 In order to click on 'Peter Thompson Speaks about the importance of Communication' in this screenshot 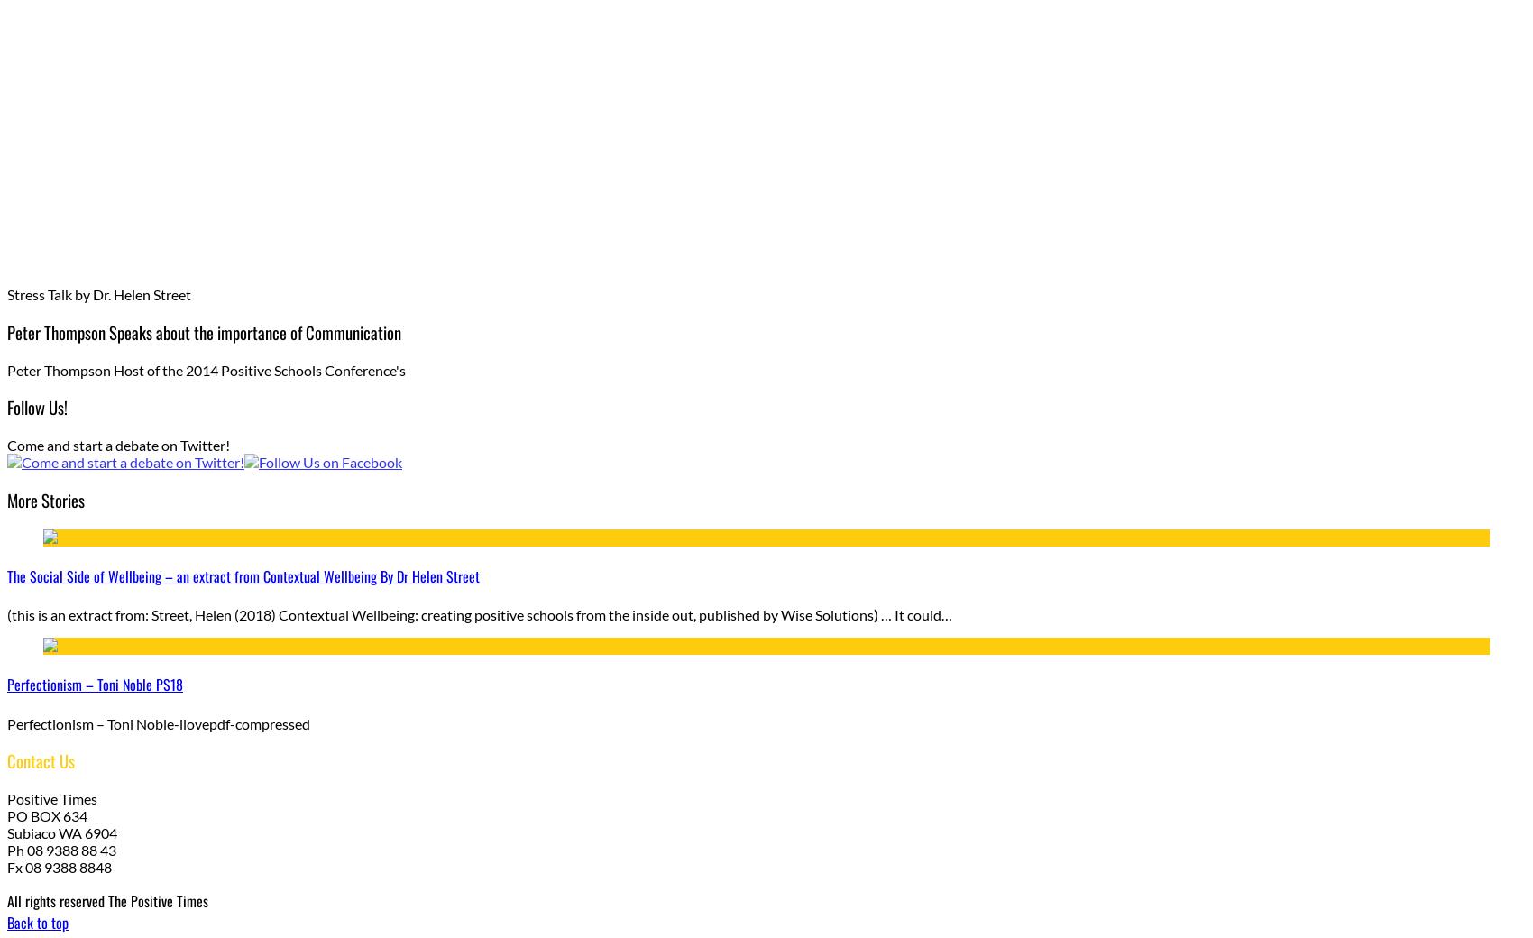, I will do `click(6, 330)`.